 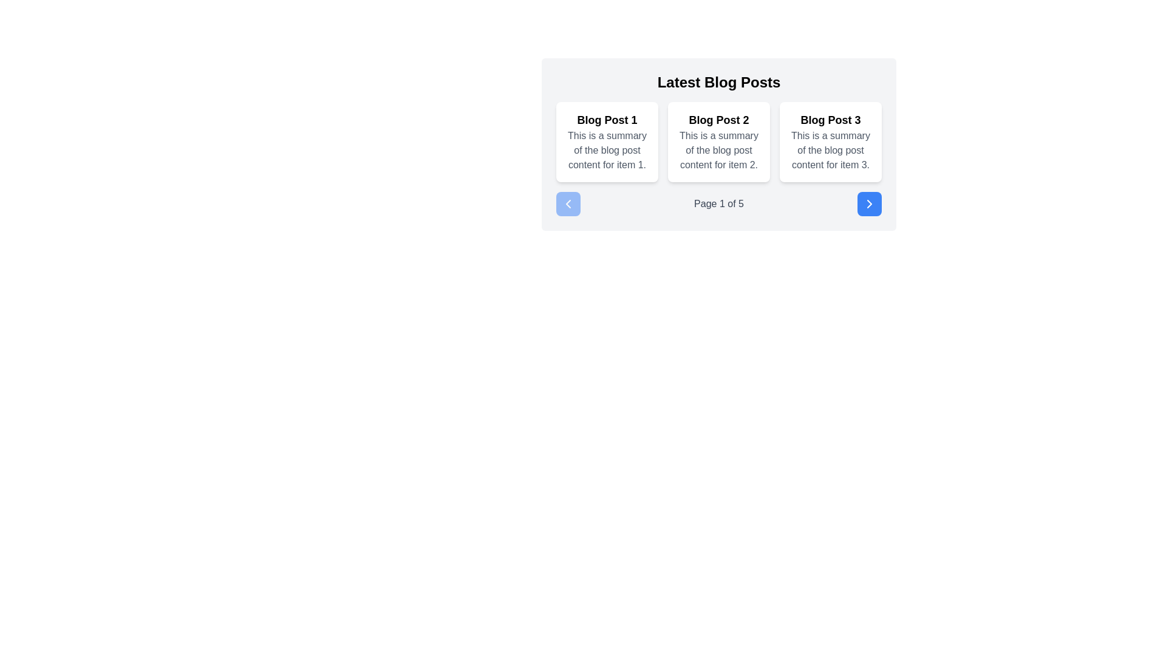 What do you see at coordinates (568, 203) in the screenshot?
I see `the left-chevron arrow icon located inside a blue circular button for navigating to previous pages, positioned below the first blog post card in the 'Latest Blog Posts' section` at bounding box center [568, 203].